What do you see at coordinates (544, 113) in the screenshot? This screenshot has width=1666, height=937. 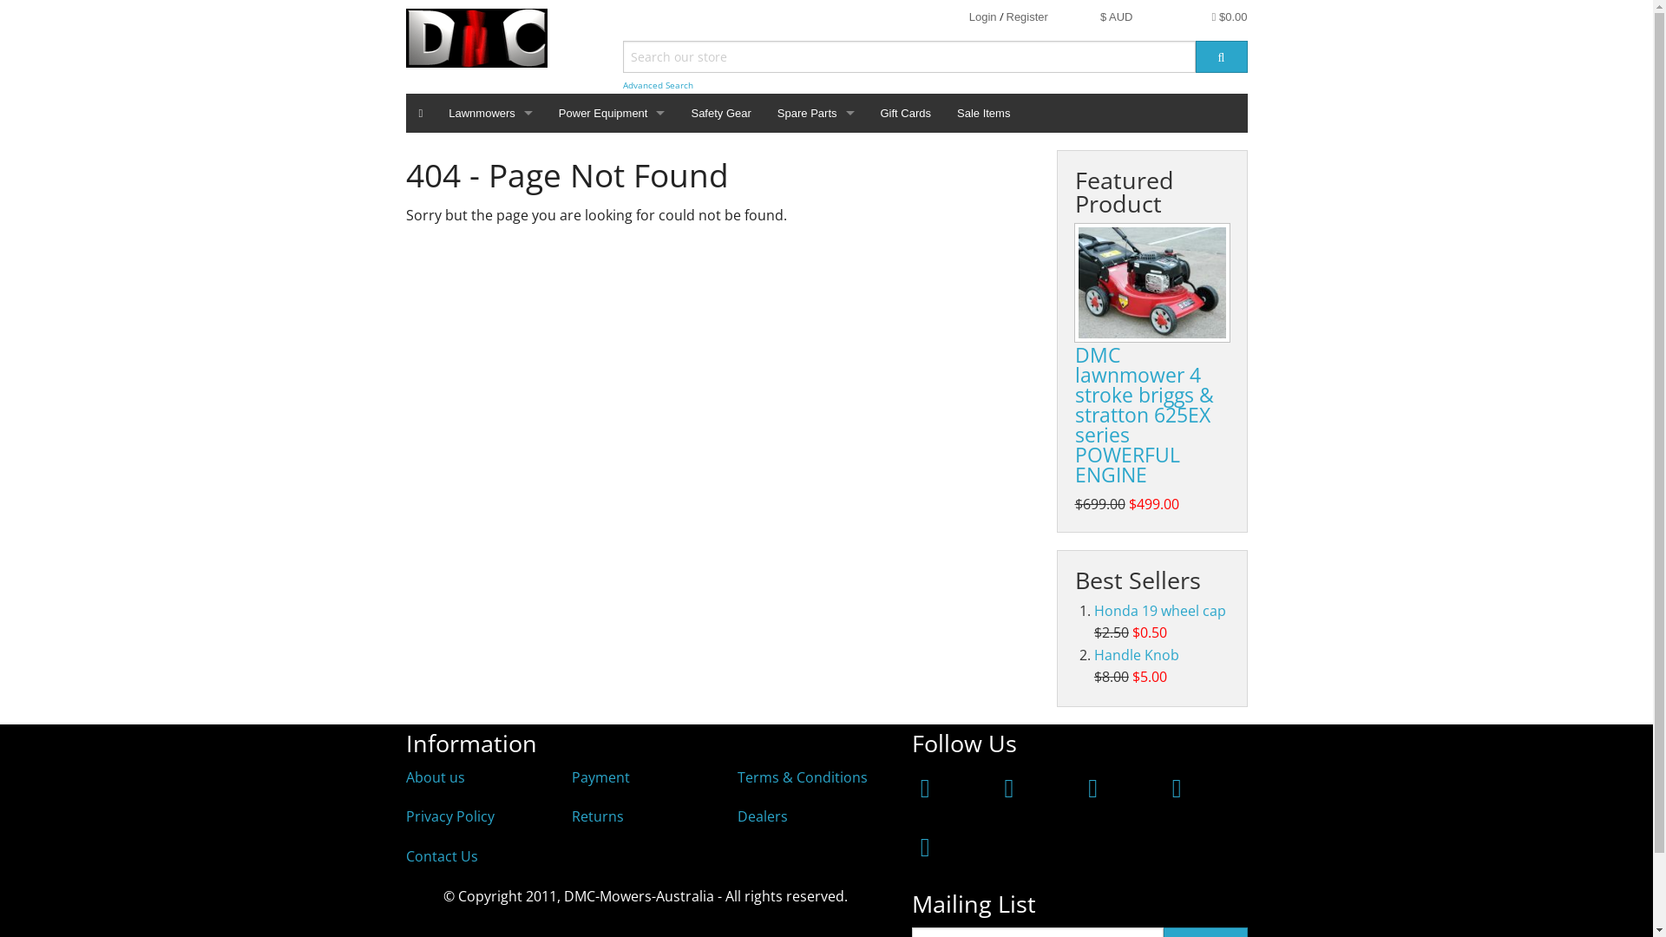 I see `'Power Equipment'` at bounding box center [544, 113].